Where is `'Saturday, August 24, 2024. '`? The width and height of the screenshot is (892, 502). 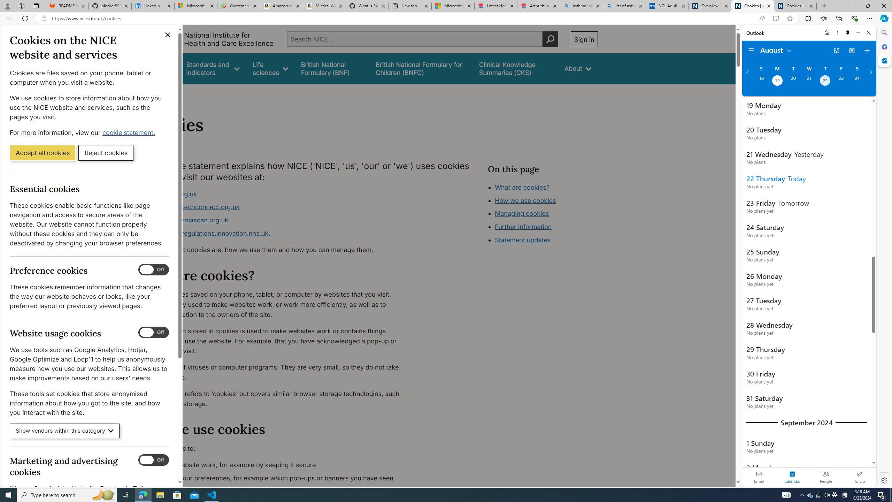
'Saturday, August 24, 2024. ' is located at coordinates (857, 81).